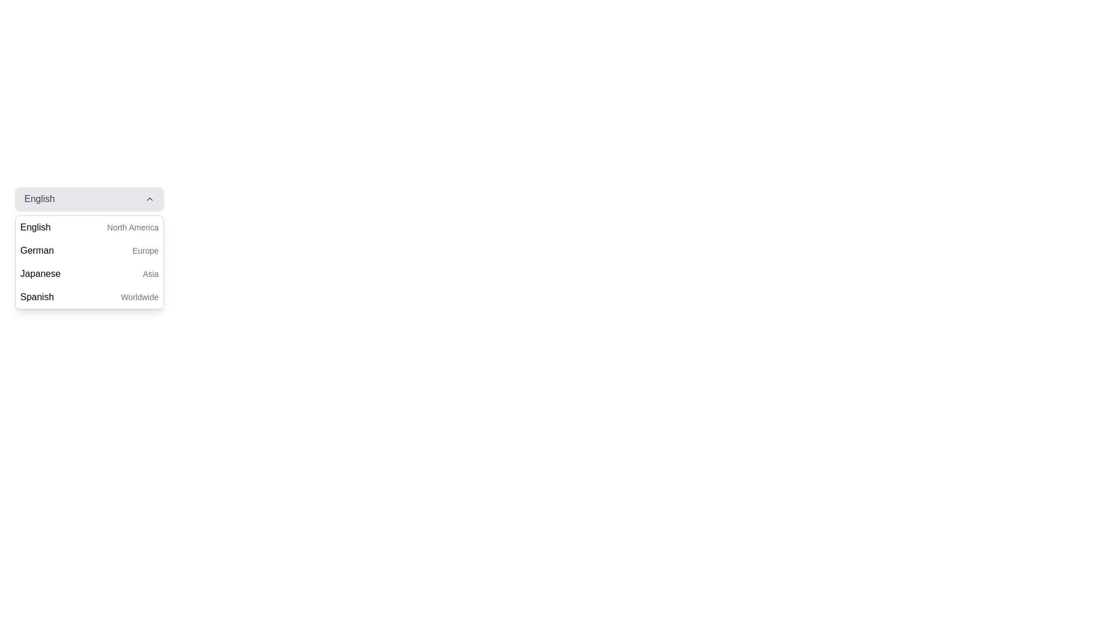 This screenshot has width=1116, height=627. I want to click on the text label displaying 'English' in black, so click(35, 228).